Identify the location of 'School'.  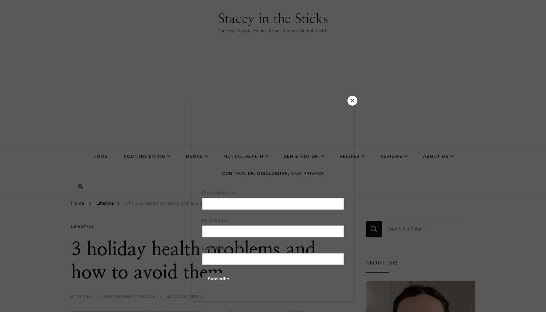
(295, 208).